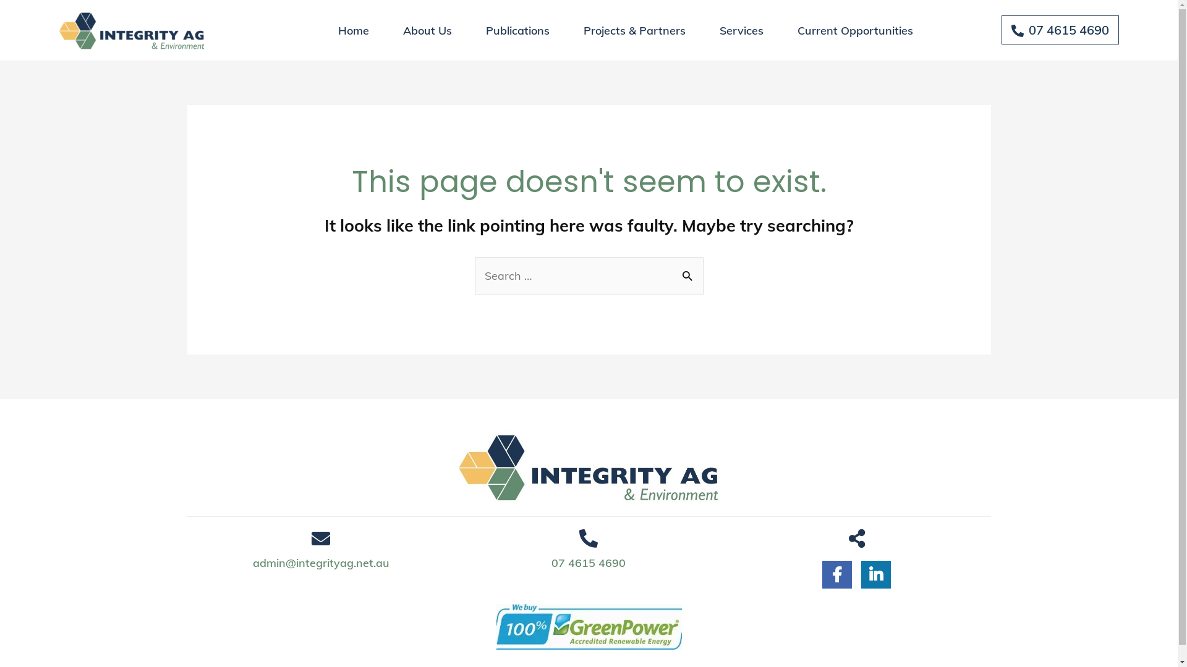 Image resolution: width=1187 pixels, height=667 pixels. What do you see at coordinates (517, 30) in the screenshot?
I see `'Publications'` at bounding box center [517, 30].